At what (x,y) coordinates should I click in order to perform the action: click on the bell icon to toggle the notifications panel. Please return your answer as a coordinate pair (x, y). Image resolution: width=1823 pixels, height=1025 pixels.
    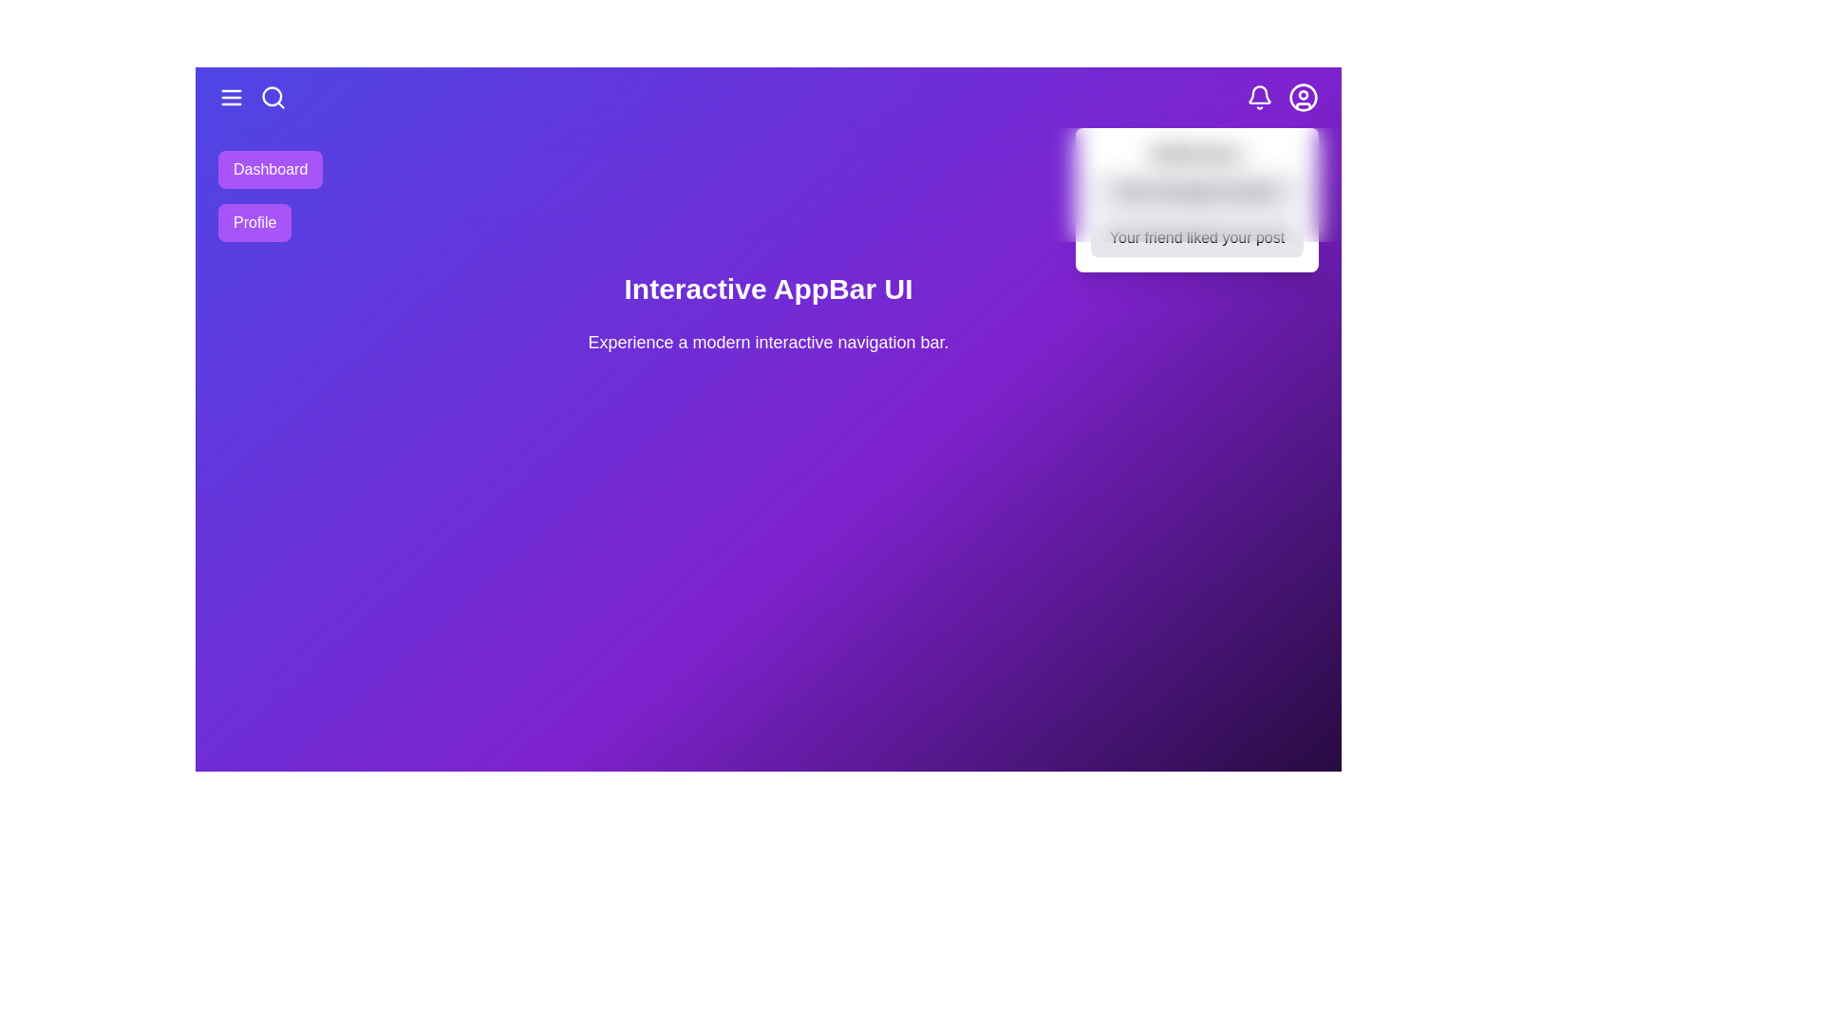
    Looking at the image, I should click on (1259, 98).